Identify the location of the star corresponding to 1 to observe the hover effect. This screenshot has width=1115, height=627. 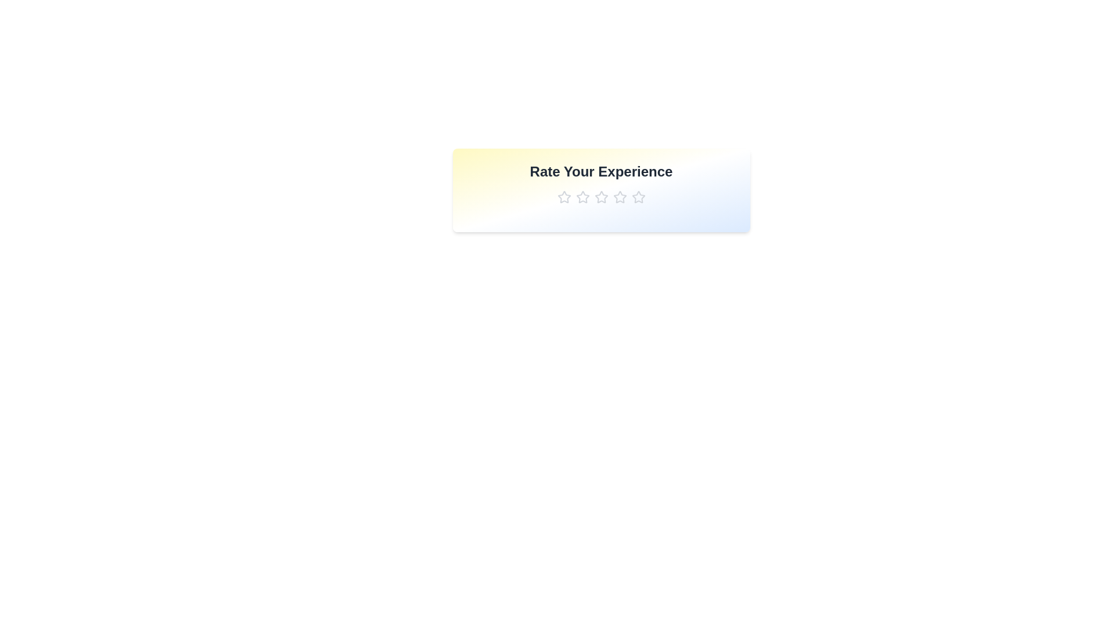
(564, 196).